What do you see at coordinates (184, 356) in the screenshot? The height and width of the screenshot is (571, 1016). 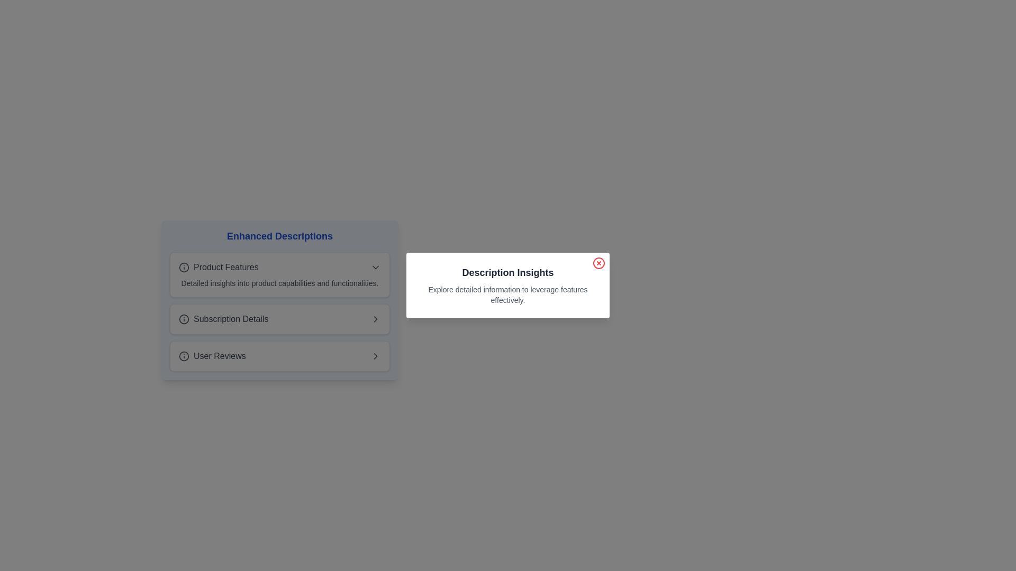 I see `the informational icon related to the 'User Reviews' section located to the left of the text 'User Reviews' in the third option row of the 'Enhanced Descriptions' card` at bounding box center [184, 356].